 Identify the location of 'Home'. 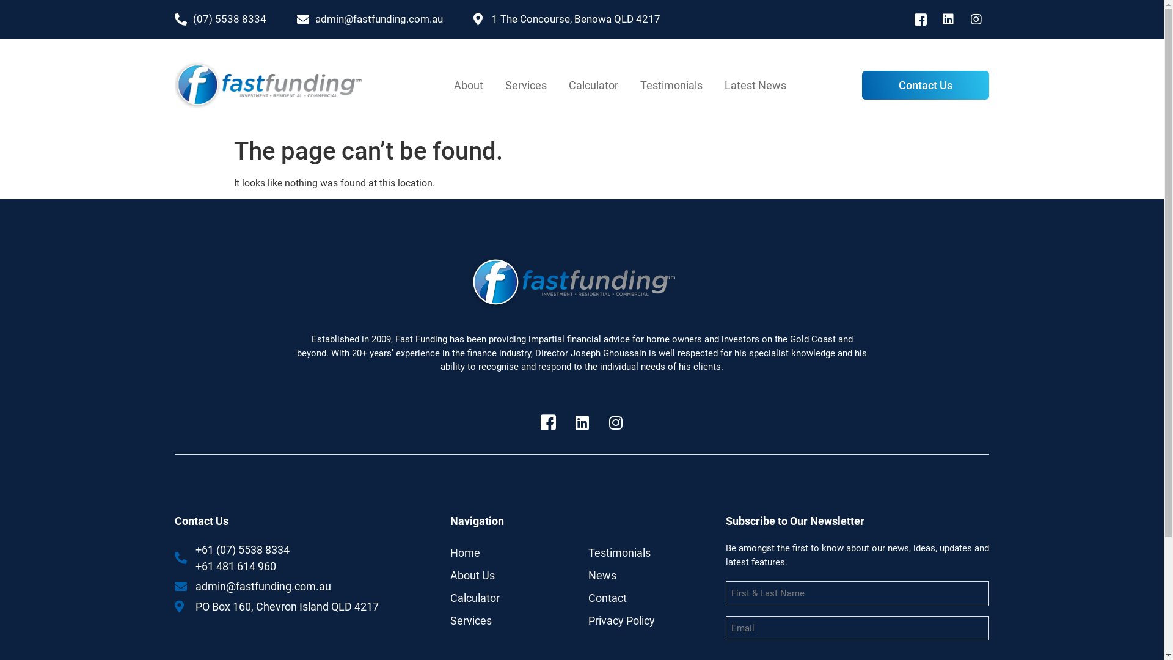
(513, 552).